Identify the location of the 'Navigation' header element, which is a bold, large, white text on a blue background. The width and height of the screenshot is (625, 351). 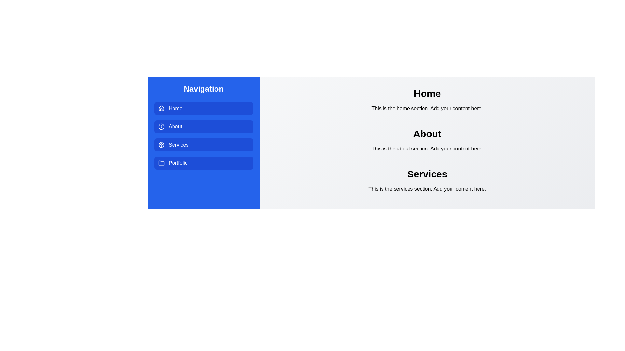
(203, 89).